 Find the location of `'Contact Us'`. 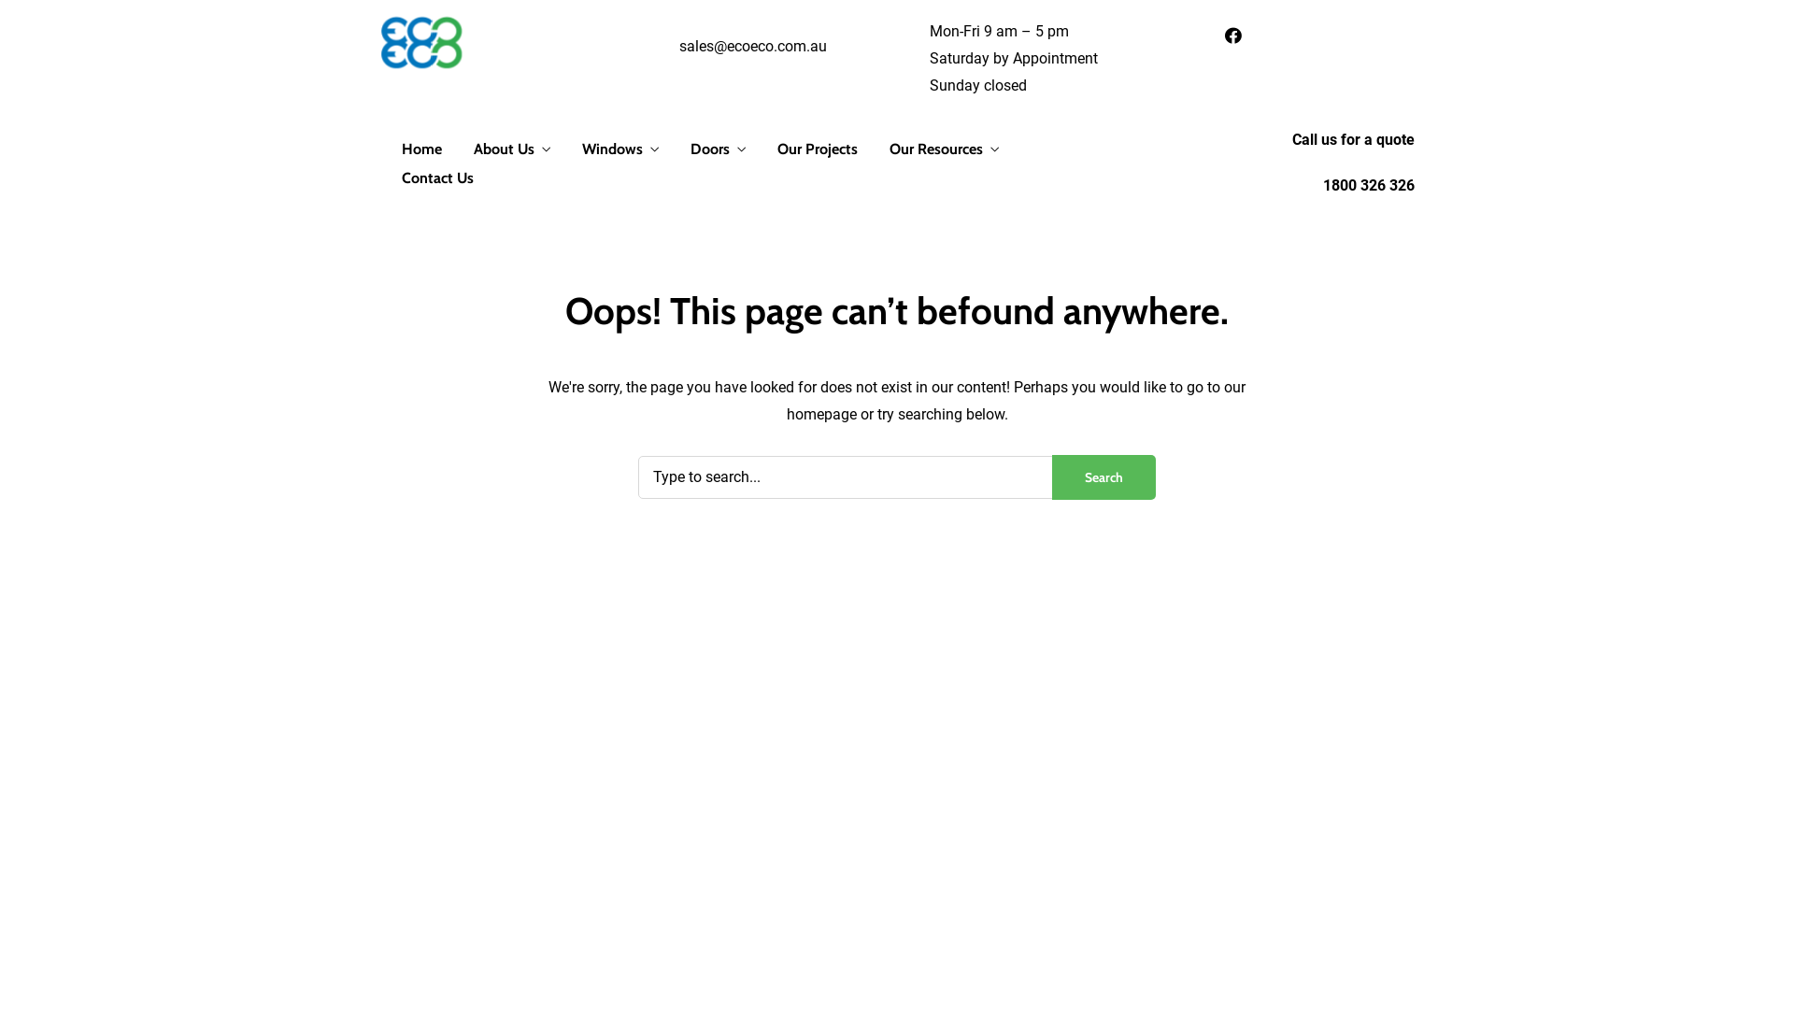

'Contact Us' is located at coordinates (436, 178).